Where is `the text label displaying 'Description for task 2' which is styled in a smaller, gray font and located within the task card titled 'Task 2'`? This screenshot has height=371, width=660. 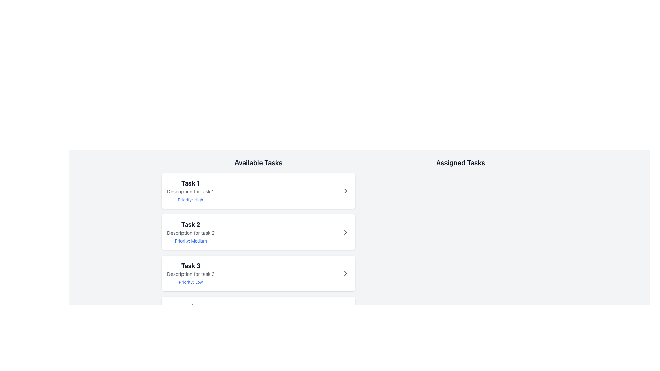 the text label displaying 'Description for task 2' which is styled in a smaller, gray font and located within the task card titled 'Task 2' is located at coordinates (191, 233).